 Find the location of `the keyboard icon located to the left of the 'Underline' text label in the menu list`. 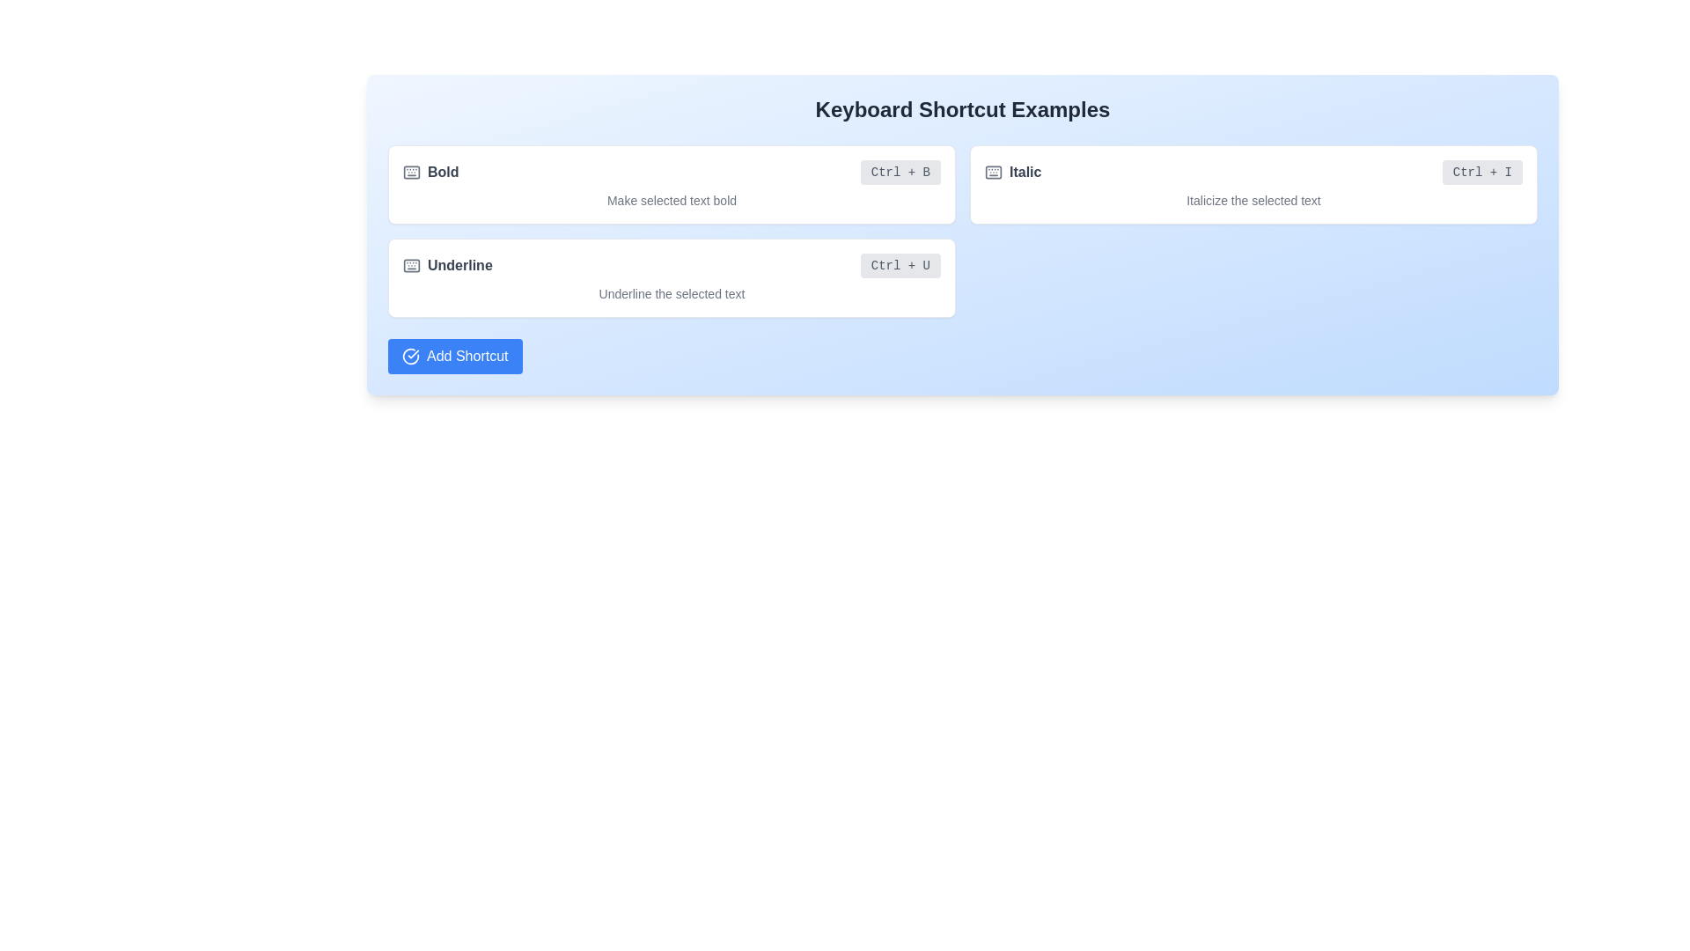

the keyboard icon located to the left of the 'Underline' text label in the menu list is located at coordinates (410, 265).